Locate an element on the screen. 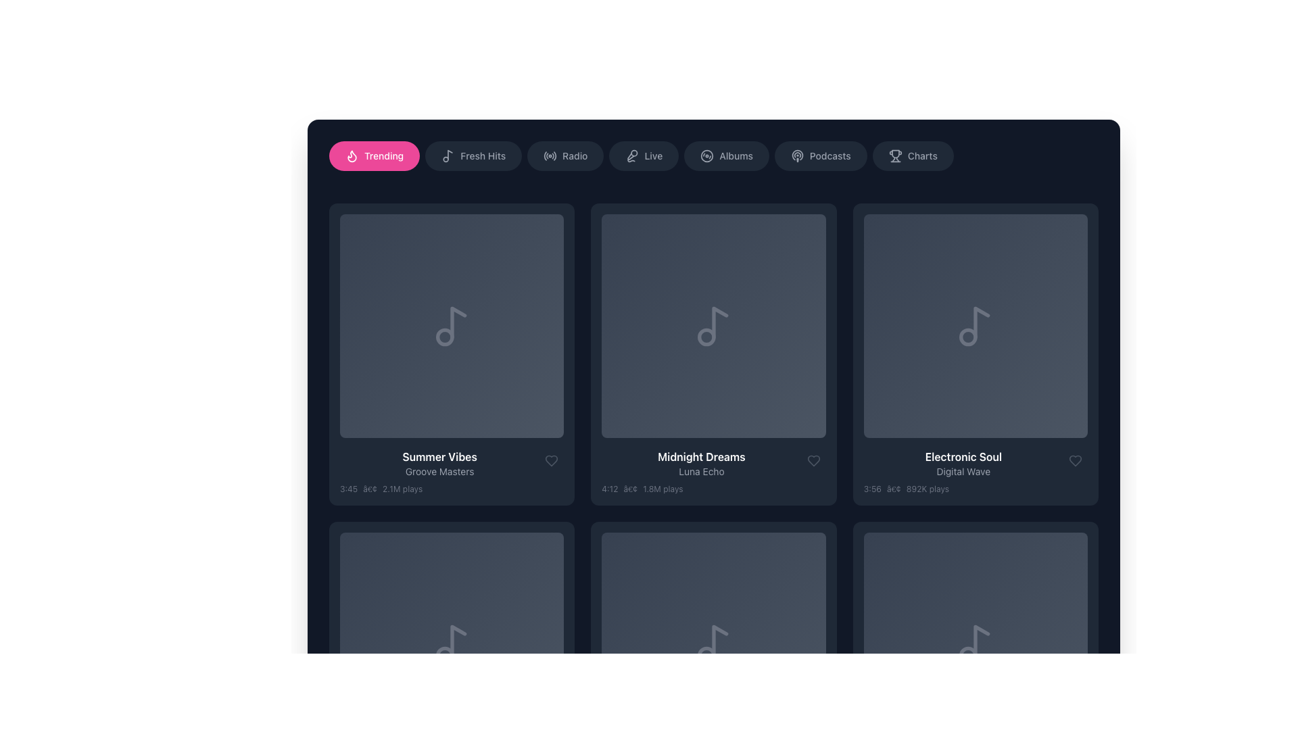 The image size is (1298, 730). the podcast category vector graphic icon in the navigation menu, located between the 'Albums' icon and the 'Podcasts' text label is located at coordinates (797, 154).